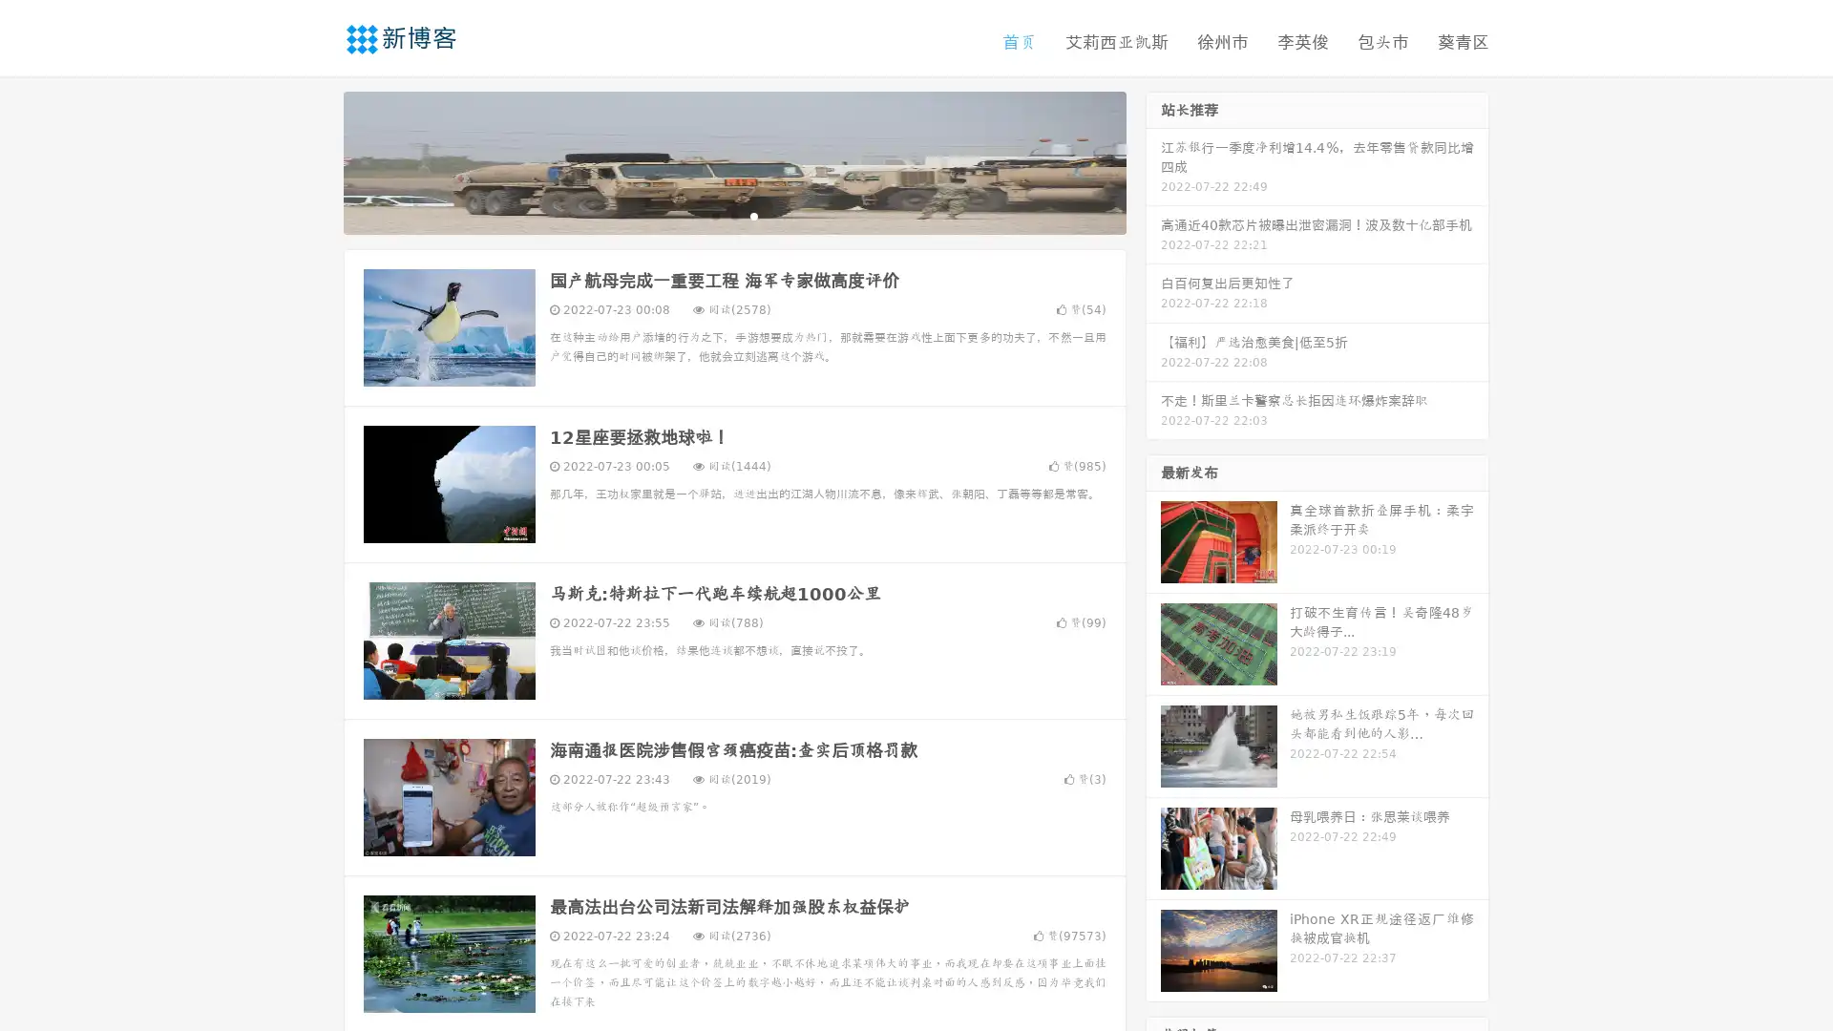  I want to click on Go to slide 2, so click(733, 215).